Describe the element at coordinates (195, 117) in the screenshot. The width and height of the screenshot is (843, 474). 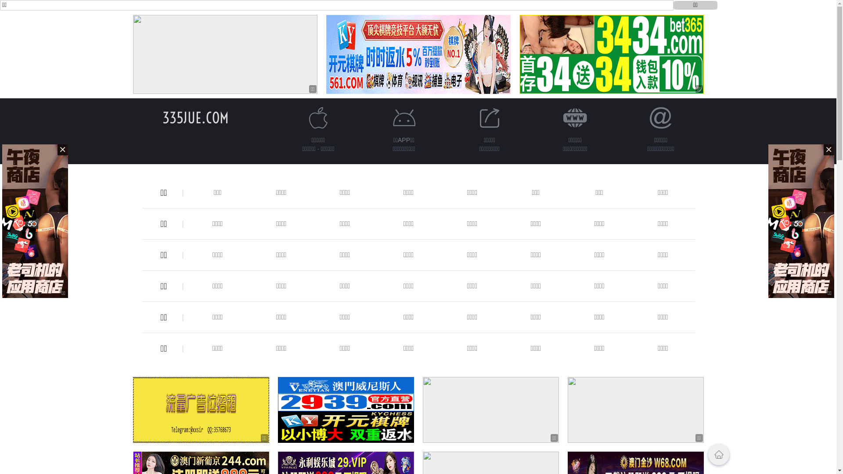
I see `'335JUE.COM'` at that location.